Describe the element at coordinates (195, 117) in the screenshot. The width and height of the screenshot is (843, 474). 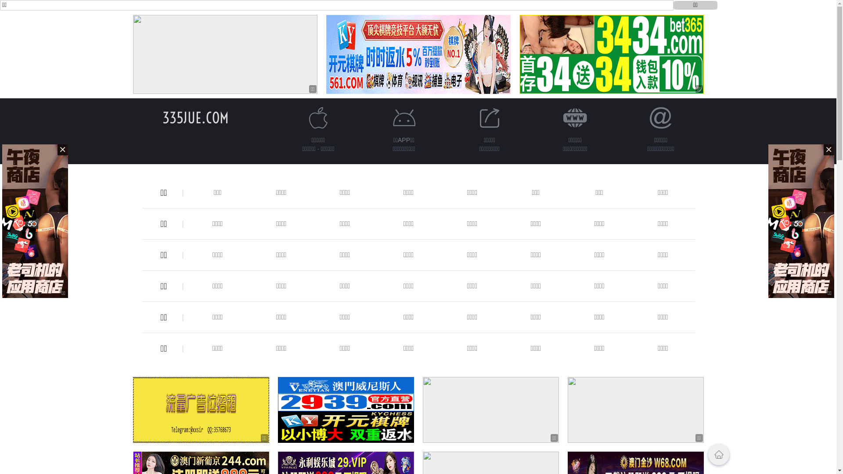
I see `'335JUE.COM'` at that location.